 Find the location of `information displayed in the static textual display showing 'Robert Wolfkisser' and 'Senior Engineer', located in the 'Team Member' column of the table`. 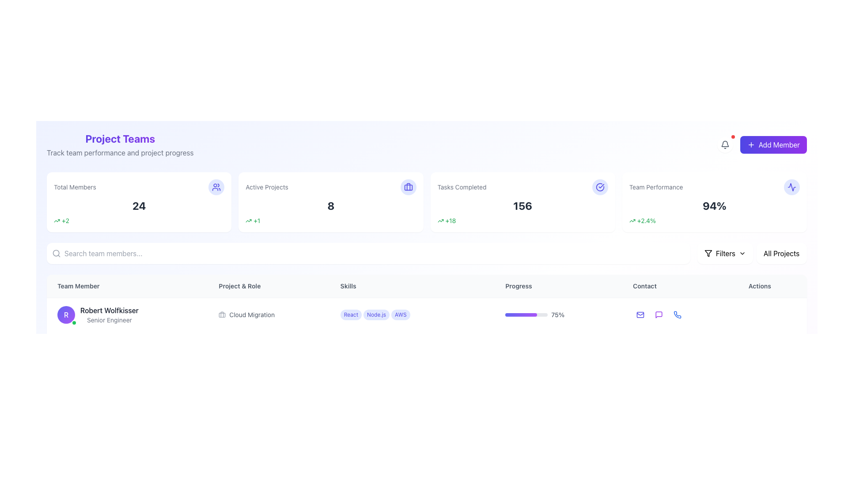

information displayed in the static textual display showing 'Robert Wolfkisser' and 'Senior Engineer', located in the 'Team Member' column of the table is located at coordinates (109, 314).